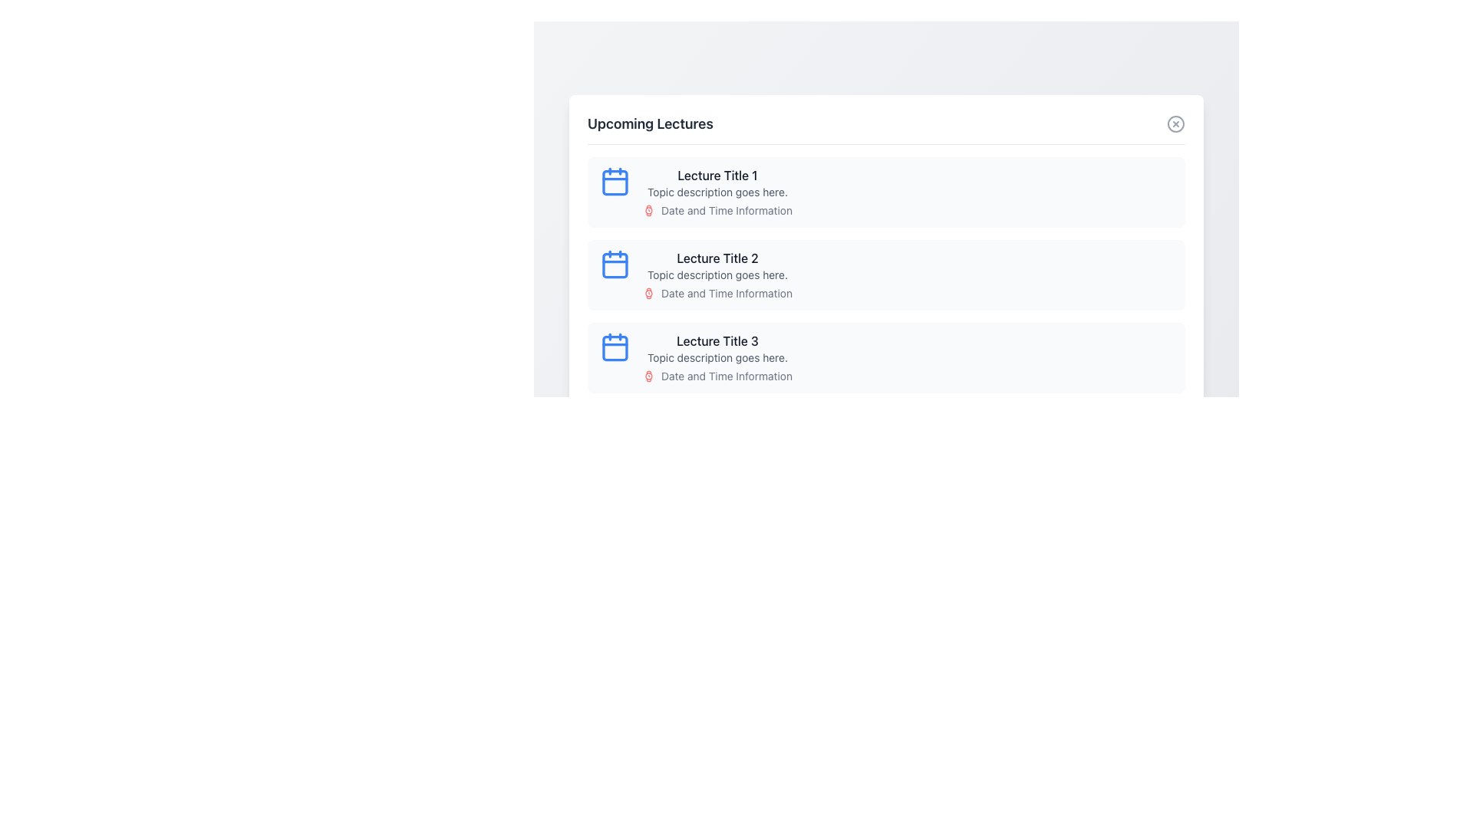  What do you see at coordinates (717, 376) in the screenshot?
I see `the 'Date and Time Information' text label with a watch icon located below 'Lecture Title 3' in the third lecture block` at bounding box center [717, 376].